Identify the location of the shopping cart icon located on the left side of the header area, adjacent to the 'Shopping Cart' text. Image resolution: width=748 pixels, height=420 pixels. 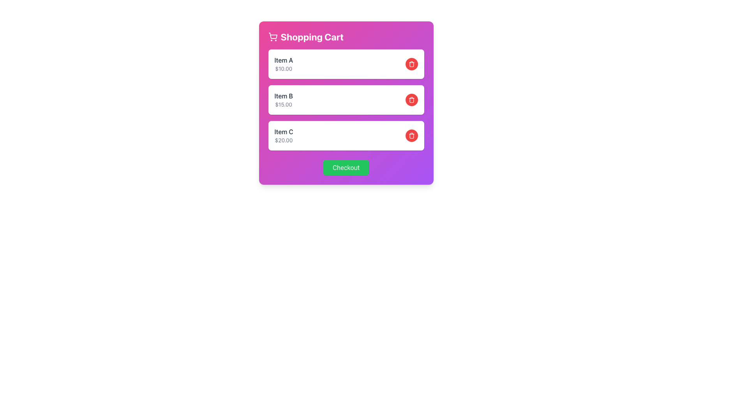
(273, 36).